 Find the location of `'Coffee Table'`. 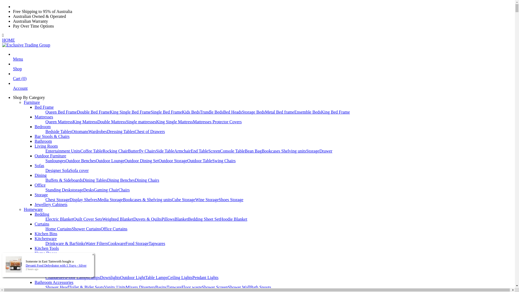

'Coffee Table' is located at coordinates (91, 151).